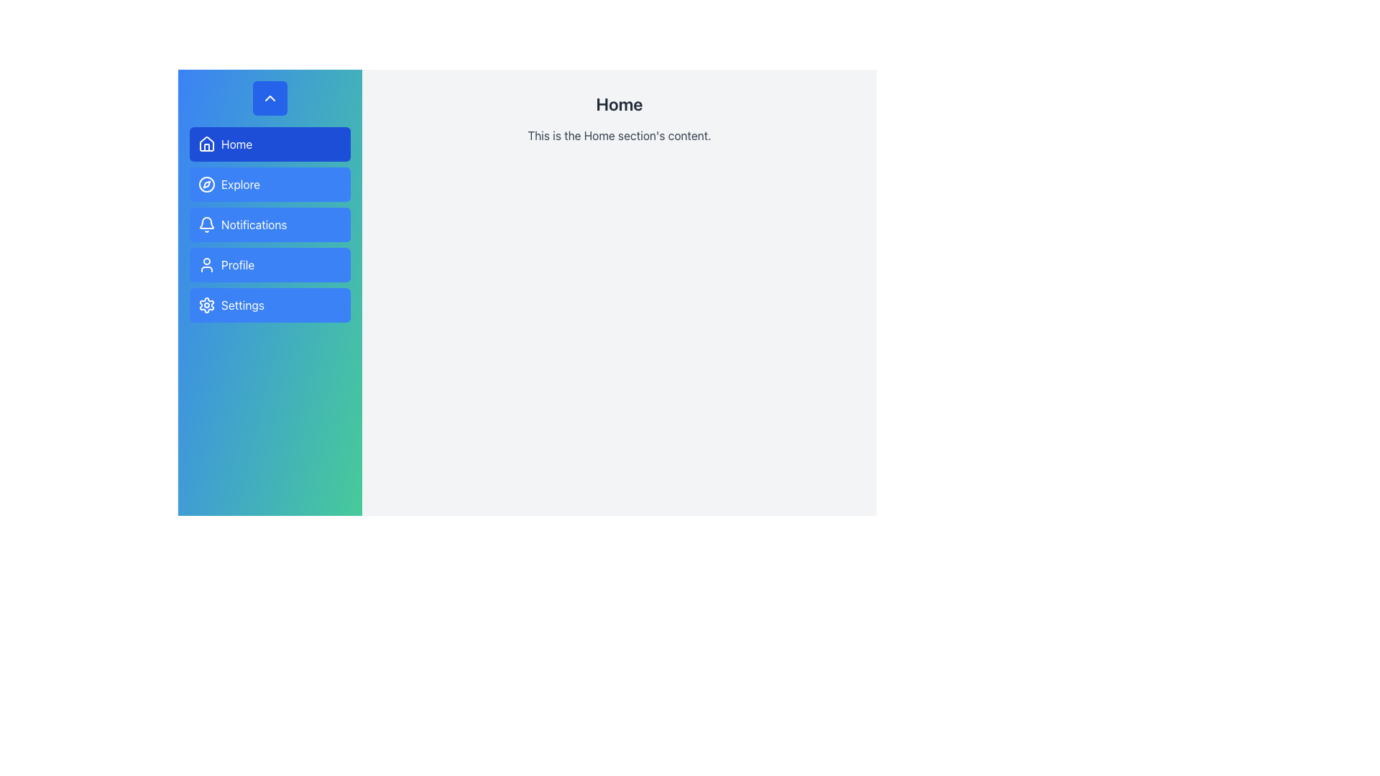  What do you see at coordinates (206, 224) in the screenshot?
I see `the bell icon within the 'Notifications' button located on the left side of the button` at bounding box center [206, 224].